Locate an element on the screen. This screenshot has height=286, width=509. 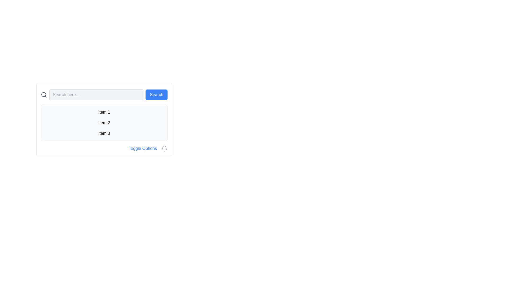
the first list item in the dropdown menu is located at coordinates (104, 112).